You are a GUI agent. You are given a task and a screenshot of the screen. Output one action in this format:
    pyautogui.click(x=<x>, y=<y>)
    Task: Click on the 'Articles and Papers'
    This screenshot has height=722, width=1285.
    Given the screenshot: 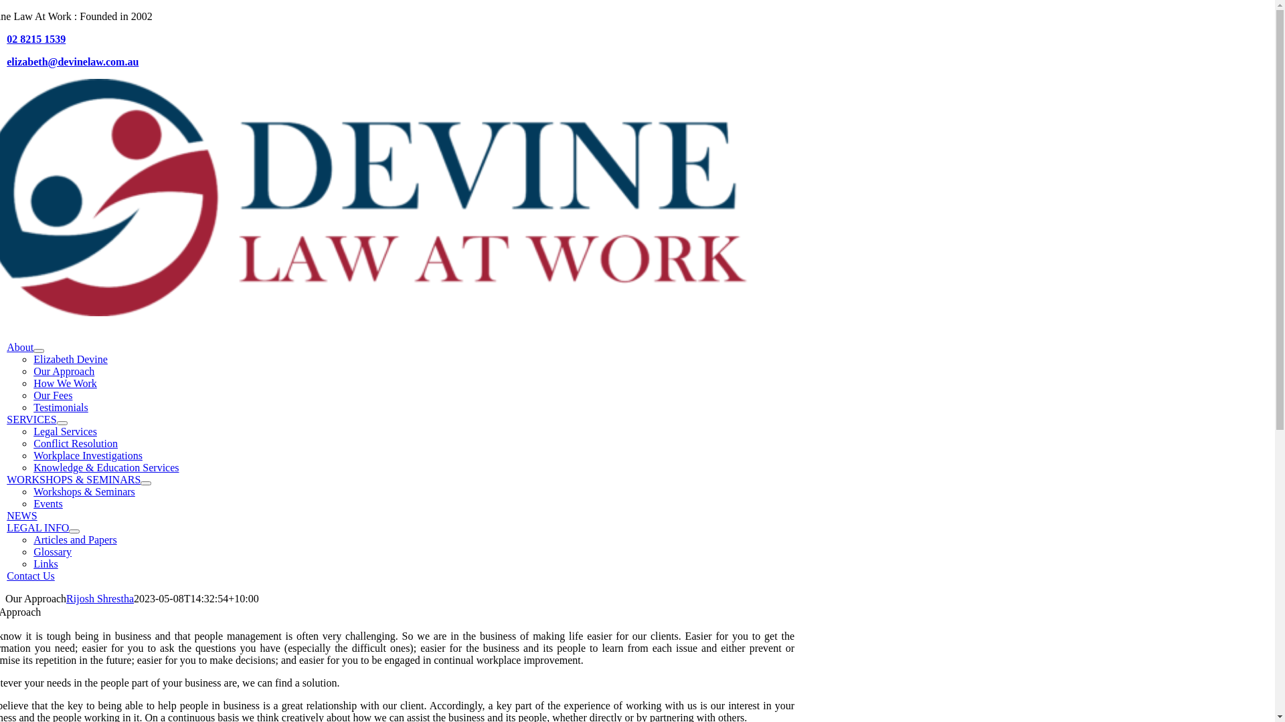 What is the action you would take?
    pyautogui.click(x=74, y=539)
    